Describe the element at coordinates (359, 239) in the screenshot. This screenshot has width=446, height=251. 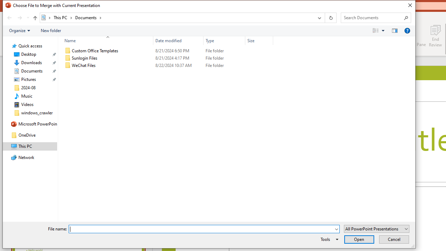
I see `'Open'` at that location.